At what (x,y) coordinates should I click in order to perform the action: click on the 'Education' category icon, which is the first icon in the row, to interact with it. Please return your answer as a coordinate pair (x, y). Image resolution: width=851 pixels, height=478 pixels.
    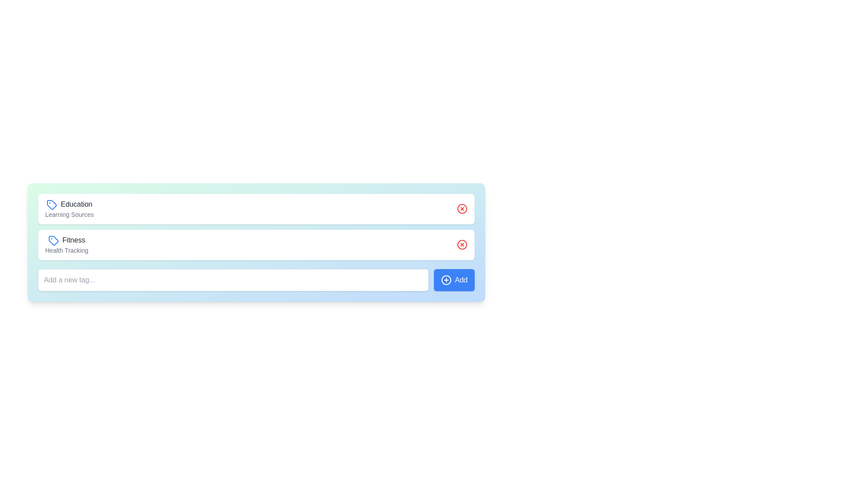
    Looking at the image, I should click on (51, 204).